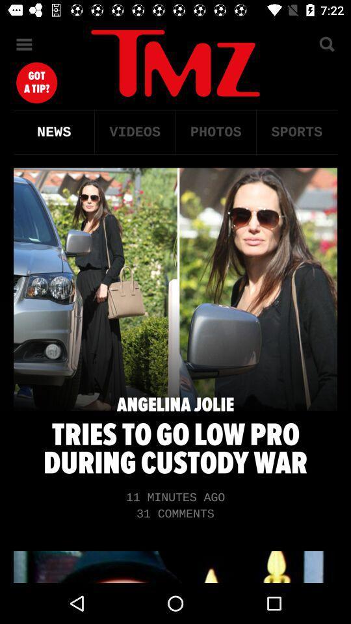  I want to click on the menu icon, so click(24, 44).